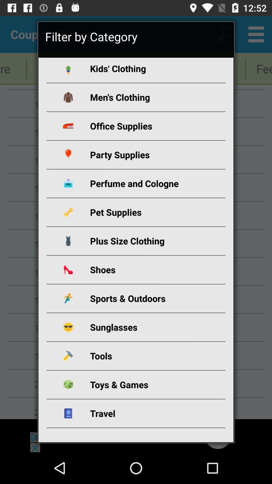 The height and width of the screenshot is (484, 272). I want to click on the icon above men's clothing, so click(142, 70).